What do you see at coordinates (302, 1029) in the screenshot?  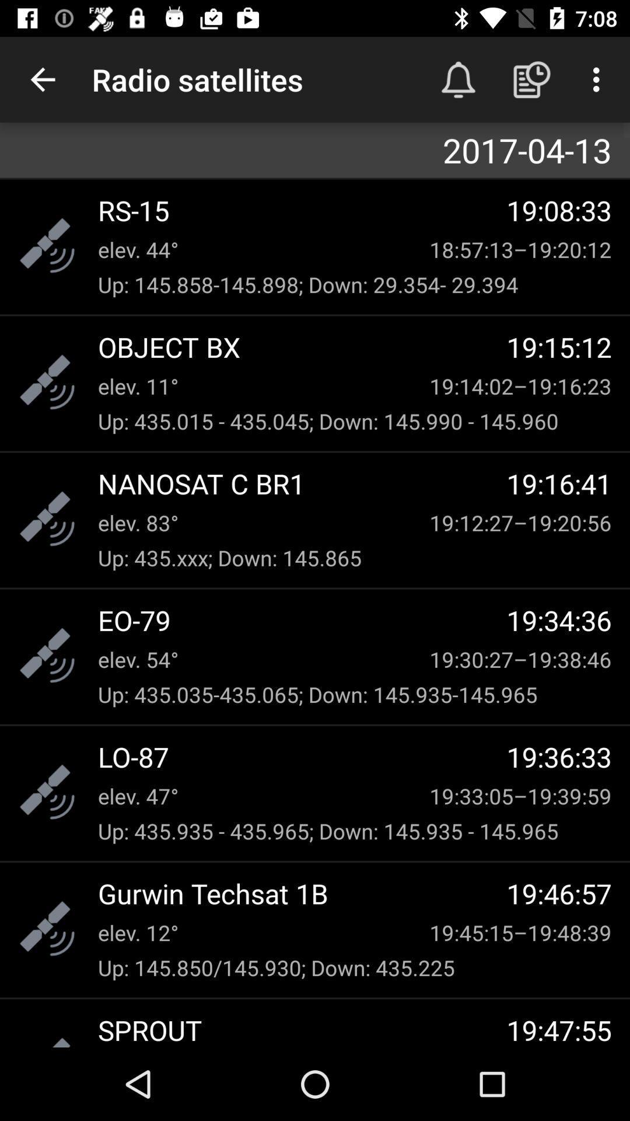 I see `sprout icon` at bounding box center [302, 1029].